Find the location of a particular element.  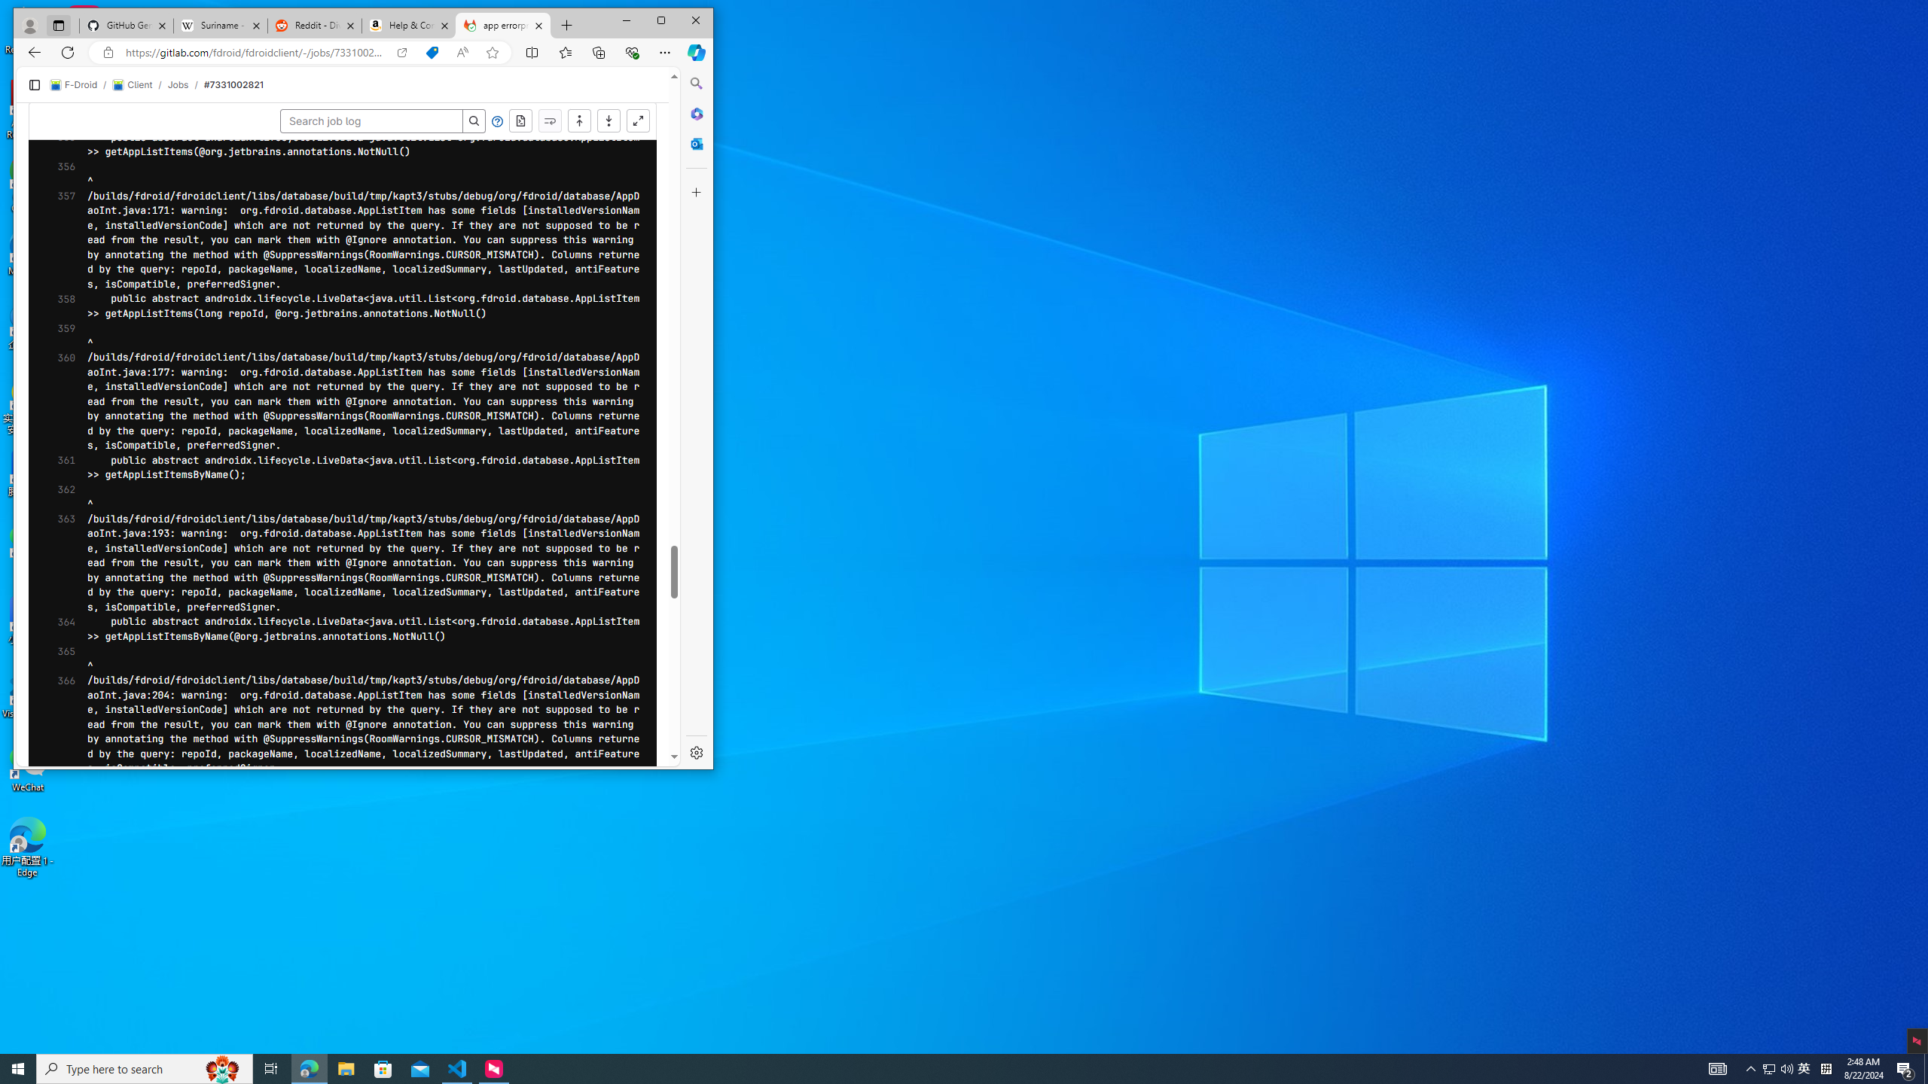

'362' is located at coordinates (62, 496).